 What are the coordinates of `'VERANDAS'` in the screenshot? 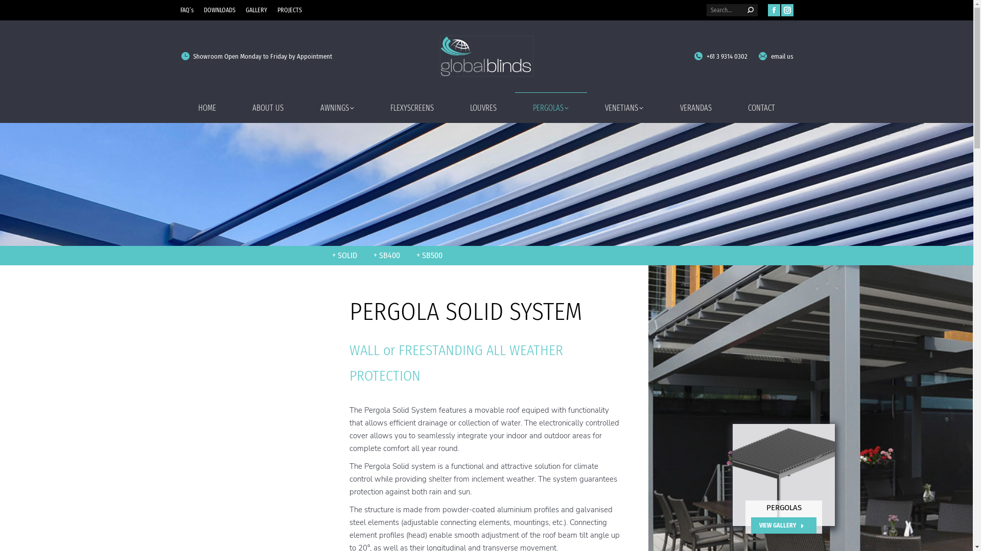 It's located at (695, 107).